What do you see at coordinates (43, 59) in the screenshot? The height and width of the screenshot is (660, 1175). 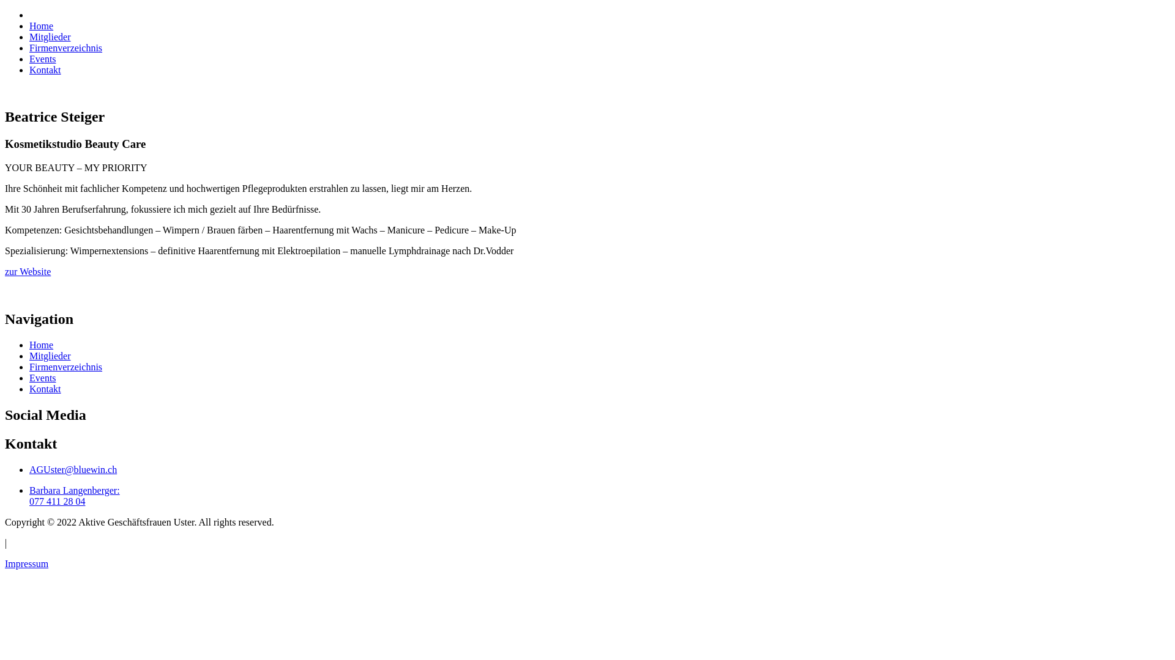 I see `'Events'` at bounding box center [43, 59].